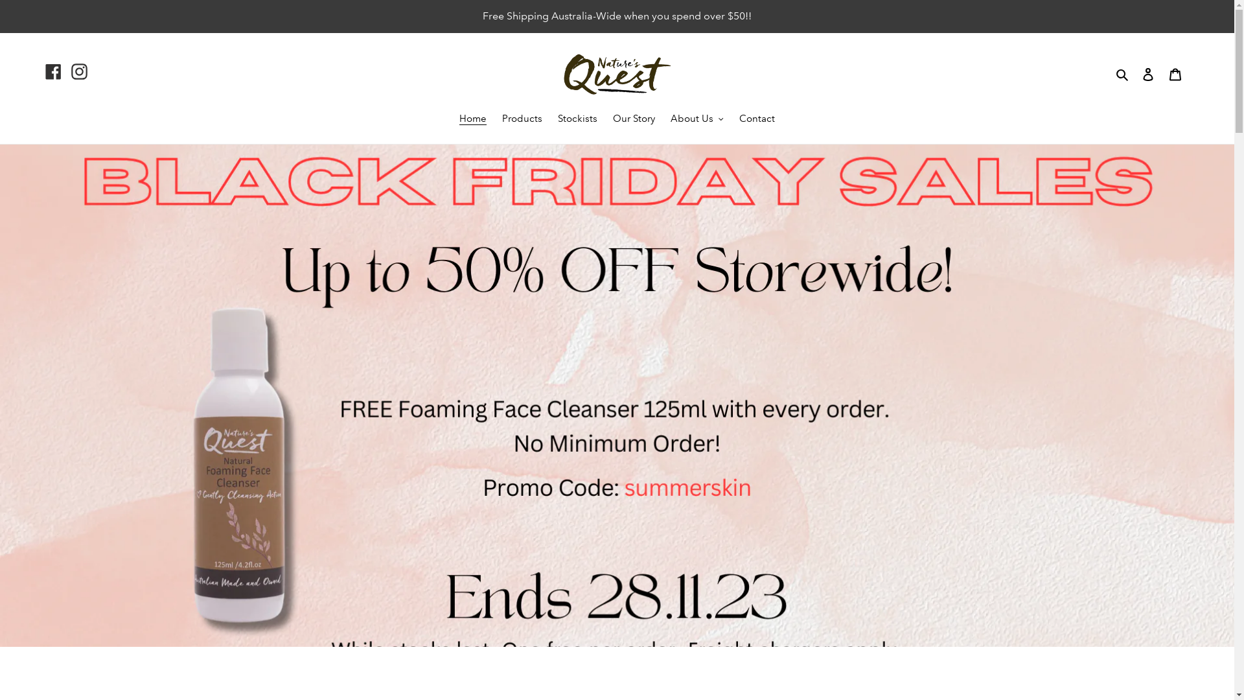 The height and width of the screenshot is (700, 1244). I want to click on 'Home', so click(472, 120).